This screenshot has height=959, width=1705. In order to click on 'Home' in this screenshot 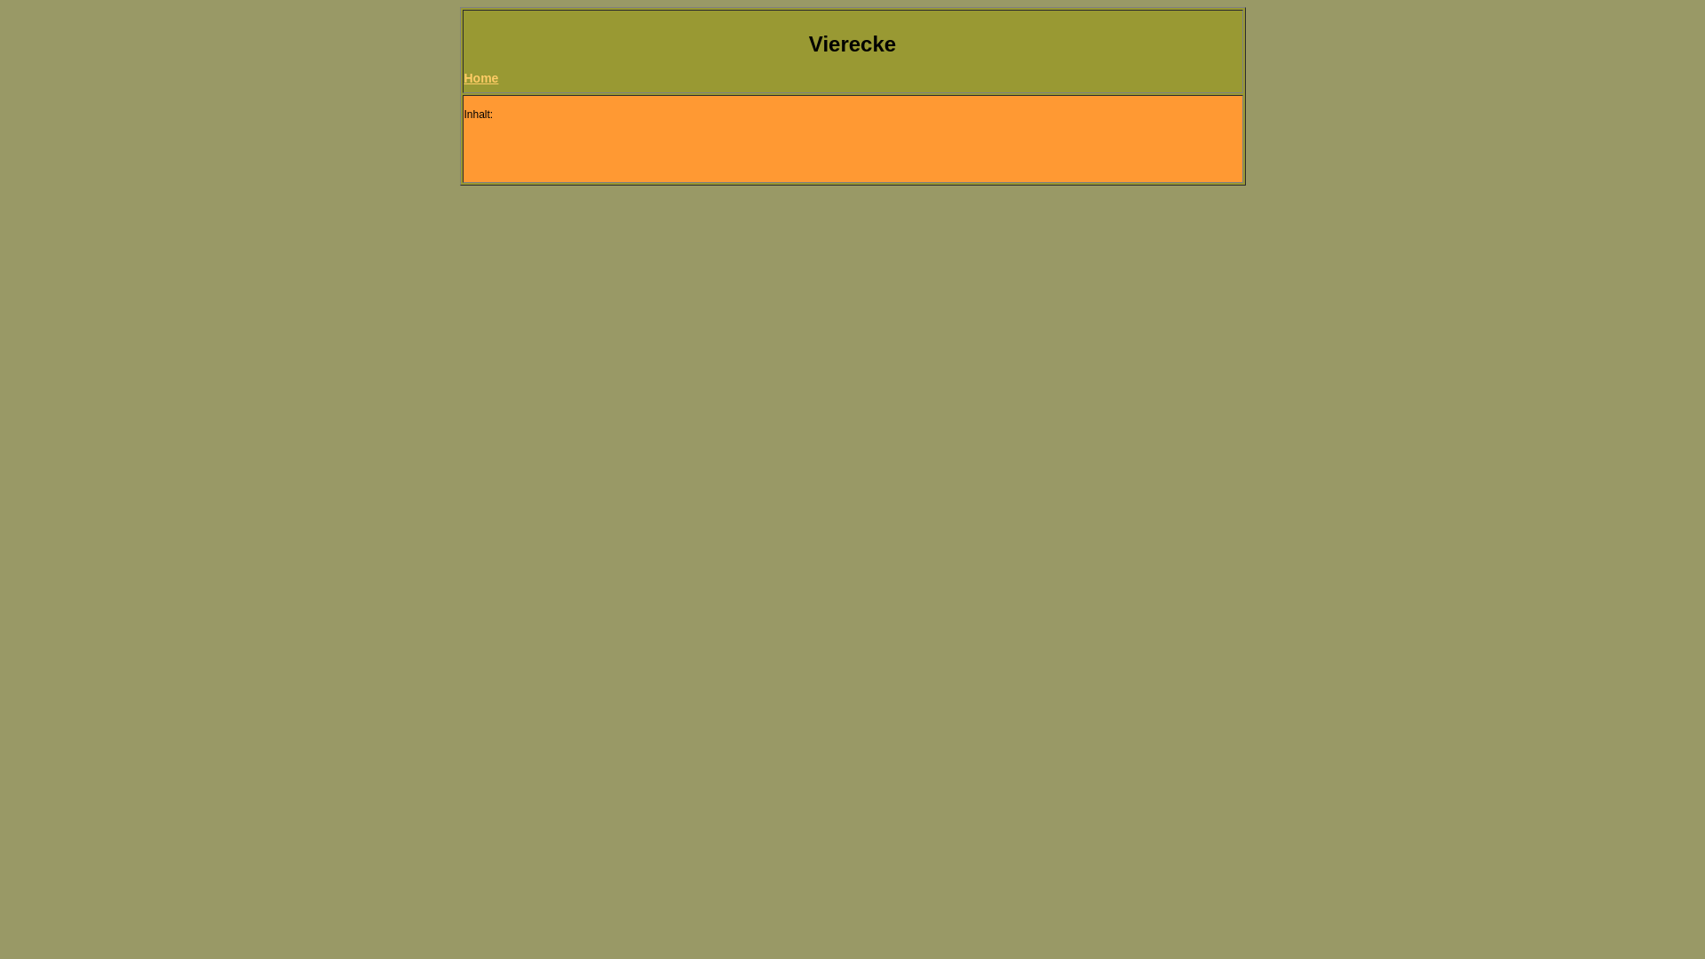, I will do `click(480, 77)`.